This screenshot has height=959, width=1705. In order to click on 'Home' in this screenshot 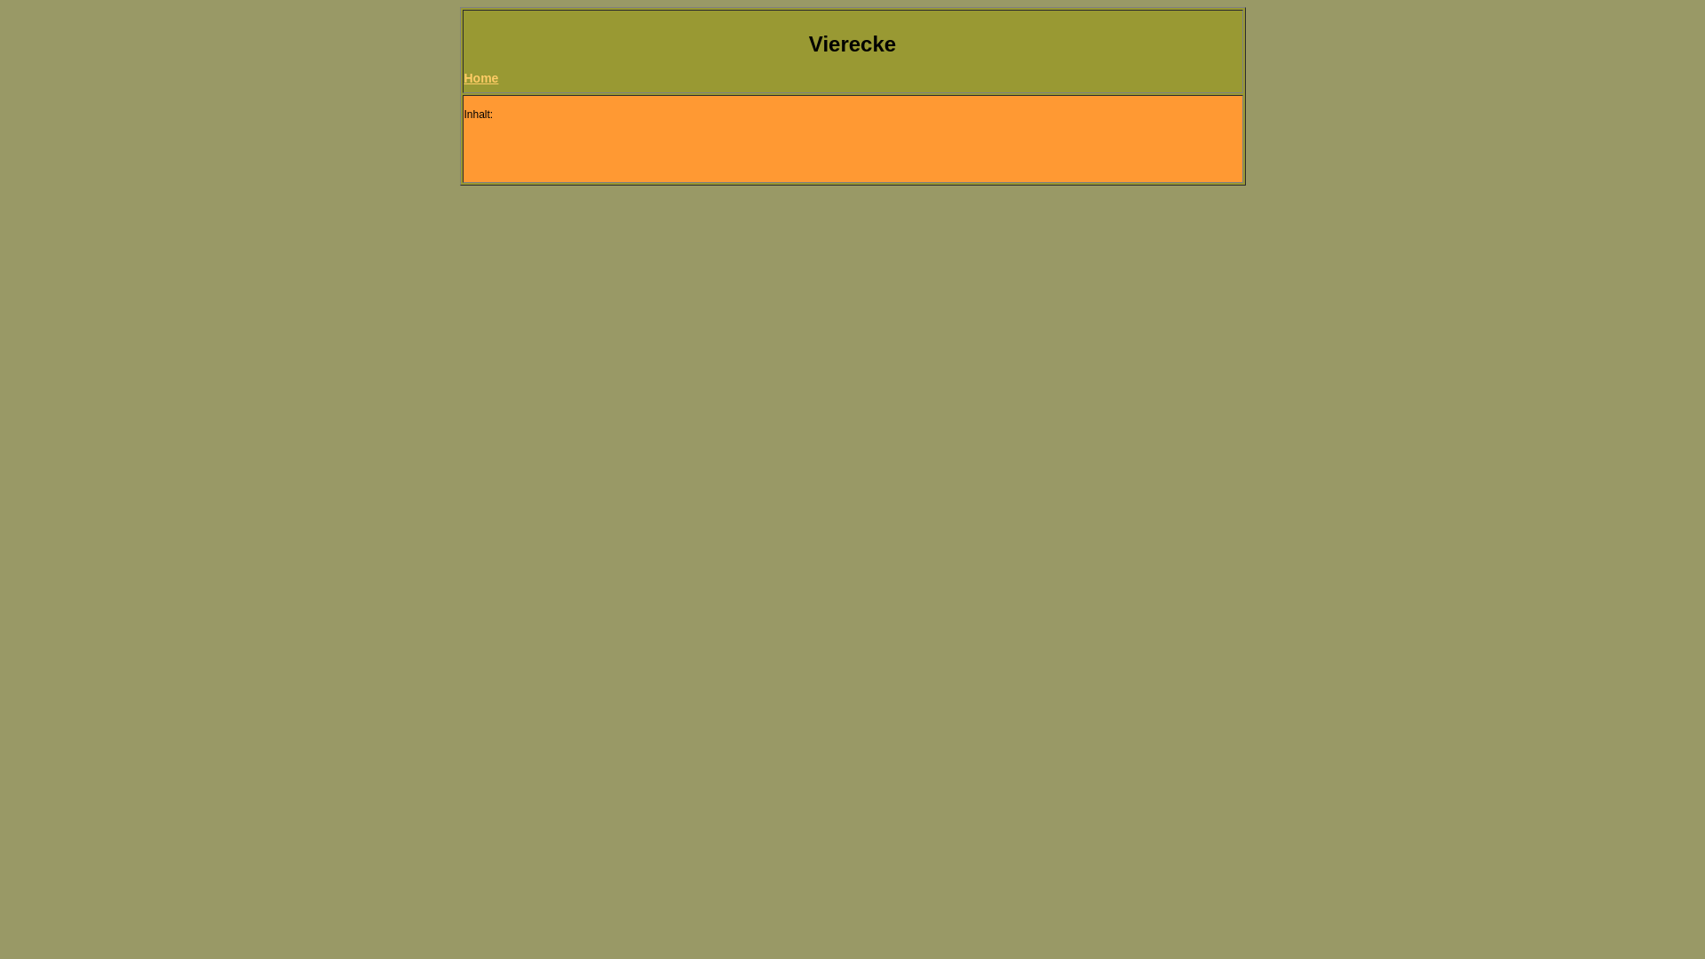, I will do `click(480, 77)`.